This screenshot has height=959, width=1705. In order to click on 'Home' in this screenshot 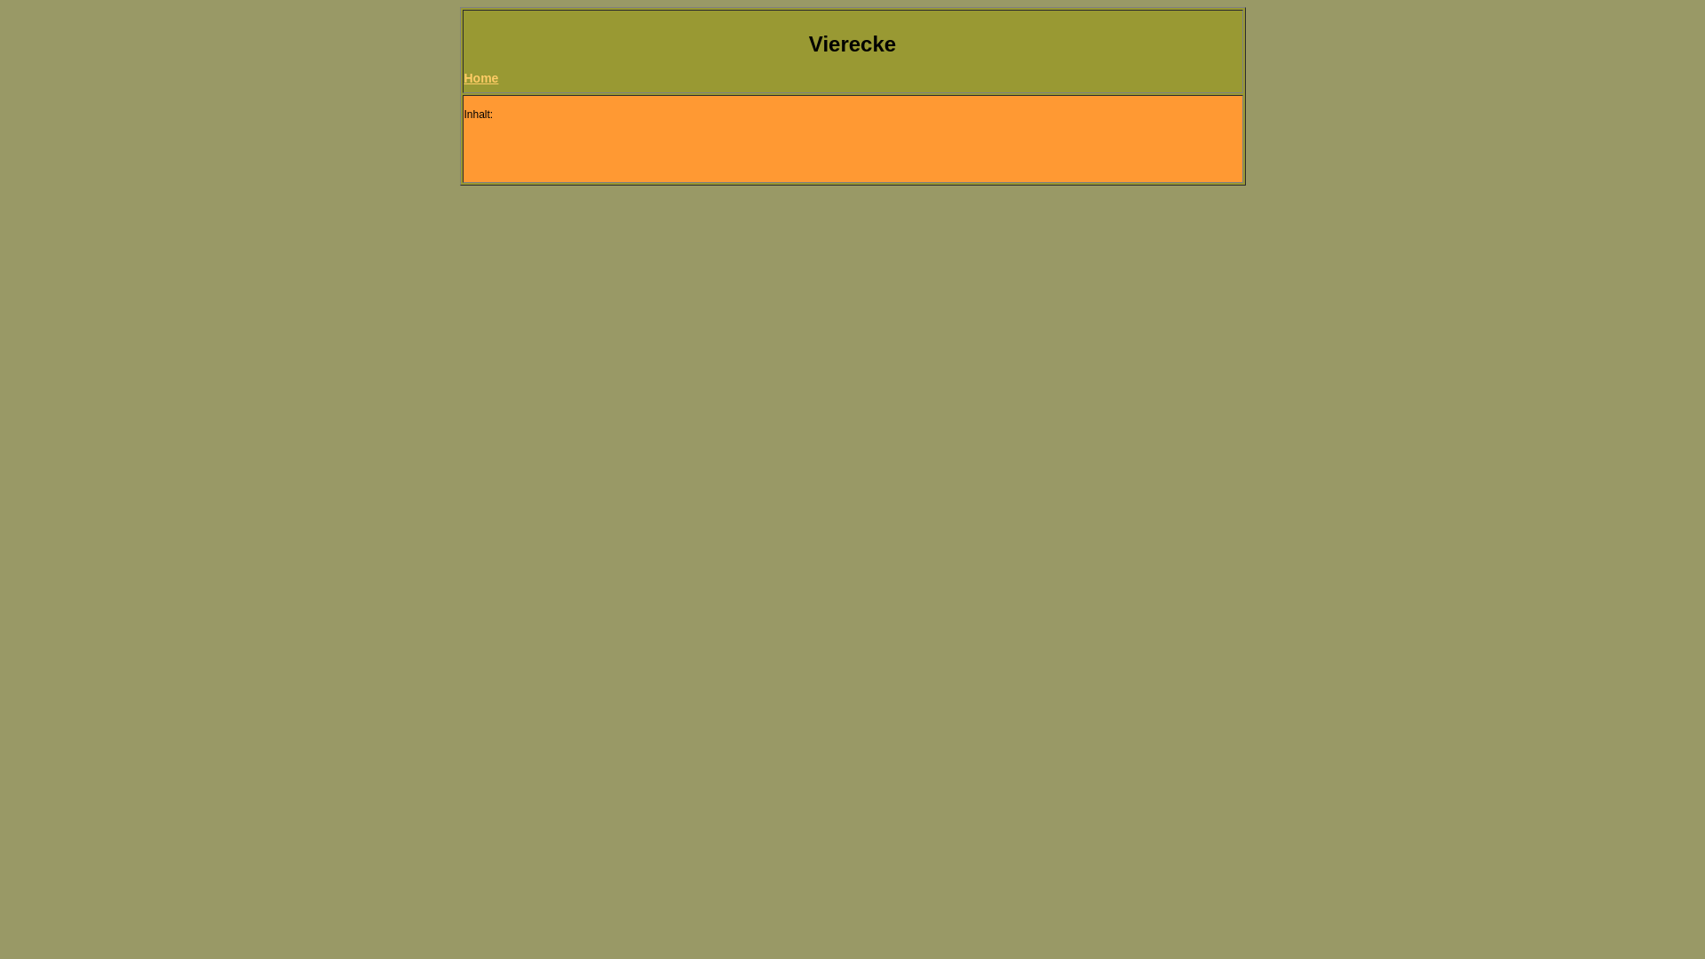, I will do `click(480, 77)`.